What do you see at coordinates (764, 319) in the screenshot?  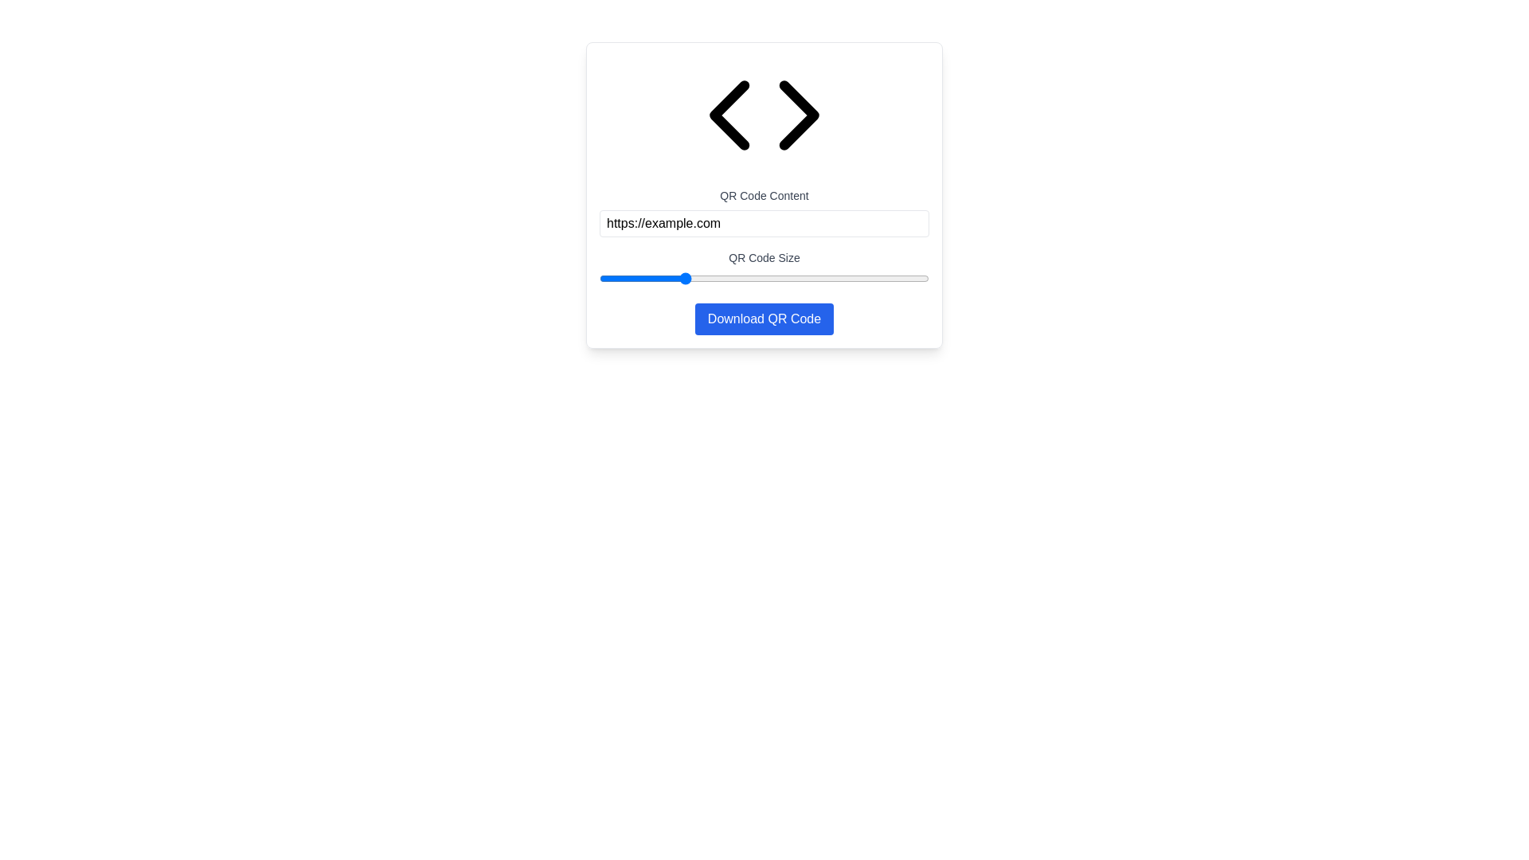 I see `the button with a blue background and white text labeled 'Download QR Code'` at bounding box center [764, 319].